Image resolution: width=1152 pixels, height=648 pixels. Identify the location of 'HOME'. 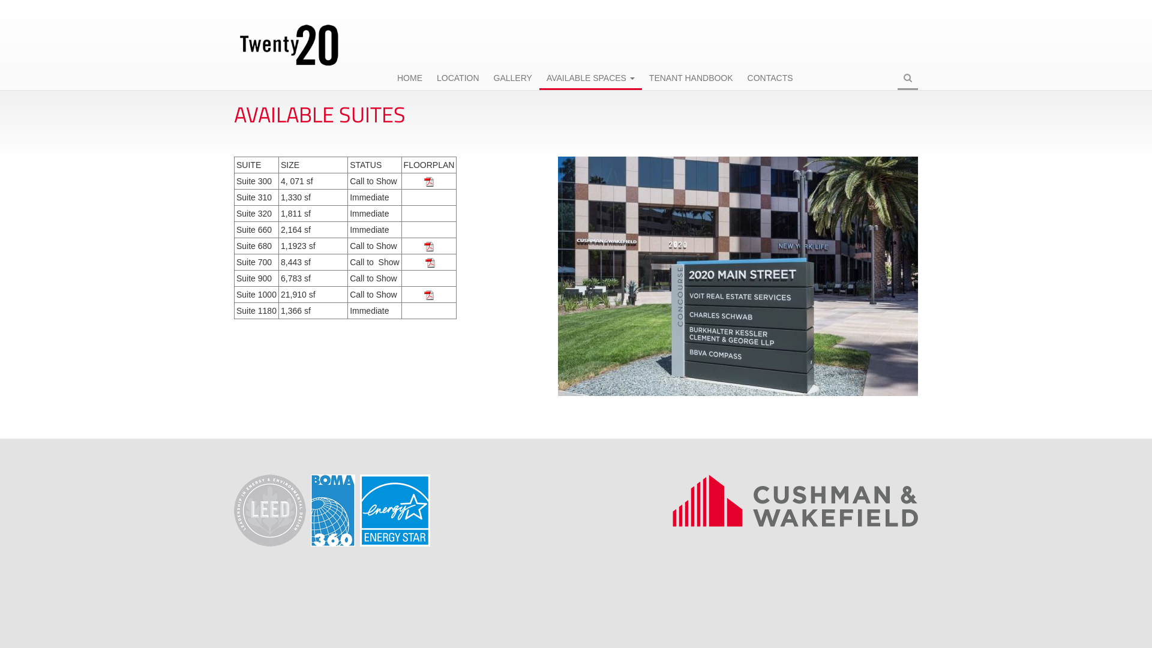
(409, 79).